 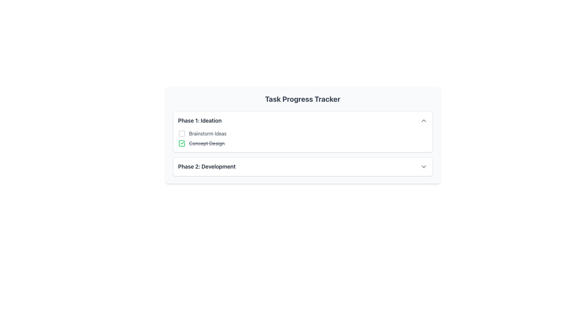 What do you see at coordinates (181, 133) in the screenshot?
I see `the hollow square Checkbox icon located to the left of the text label 'Brainstorm Ideas' in the 'Phase 1: Ideation' section` at bounding box center [181, 133].